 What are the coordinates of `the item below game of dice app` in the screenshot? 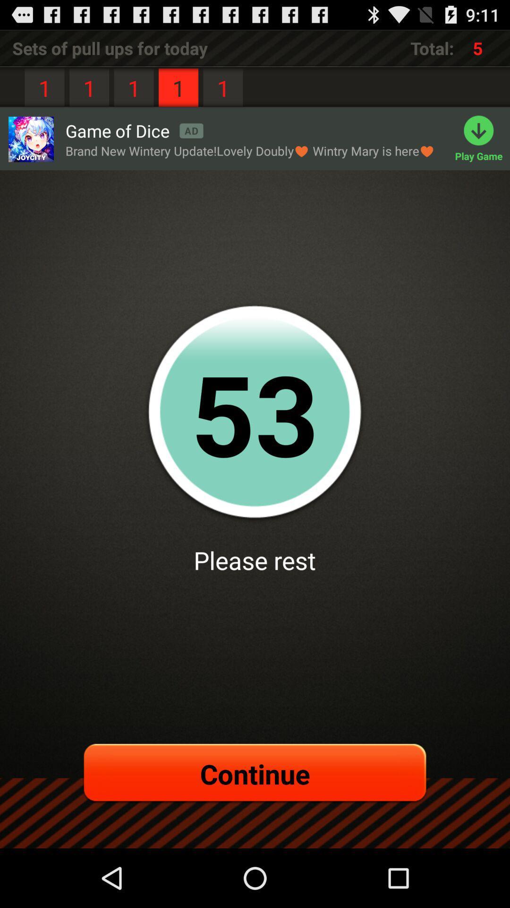 It's located at (249, 150).